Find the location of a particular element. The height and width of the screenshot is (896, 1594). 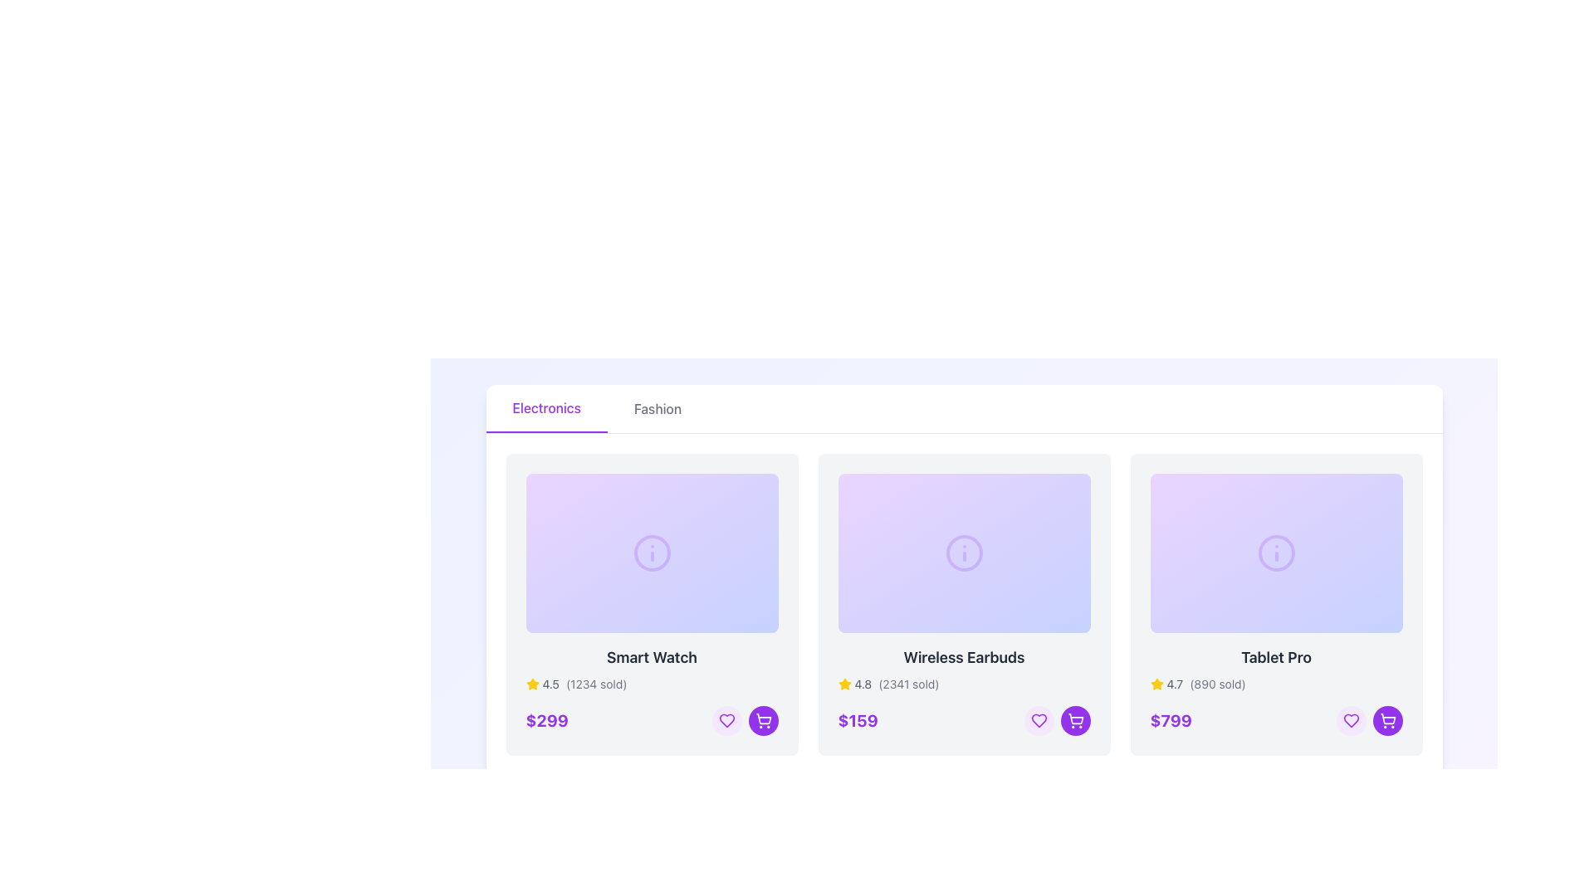

the circular button with a light purple background and heart icon located in the lower right section of the 'Smart Watch' product card to change its background color is located at coordinates (726, 719).